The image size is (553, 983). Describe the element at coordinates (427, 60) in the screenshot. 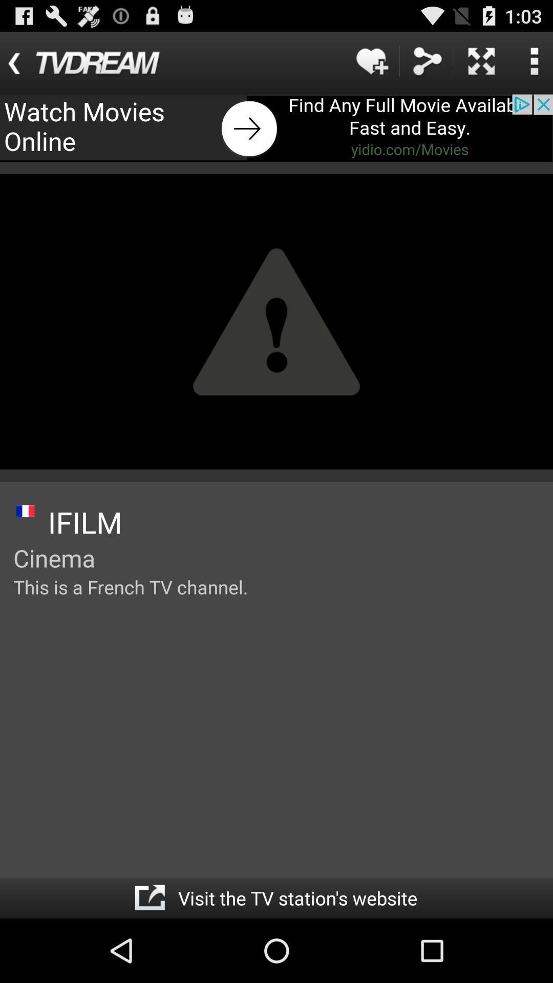

I see `share` at that location.